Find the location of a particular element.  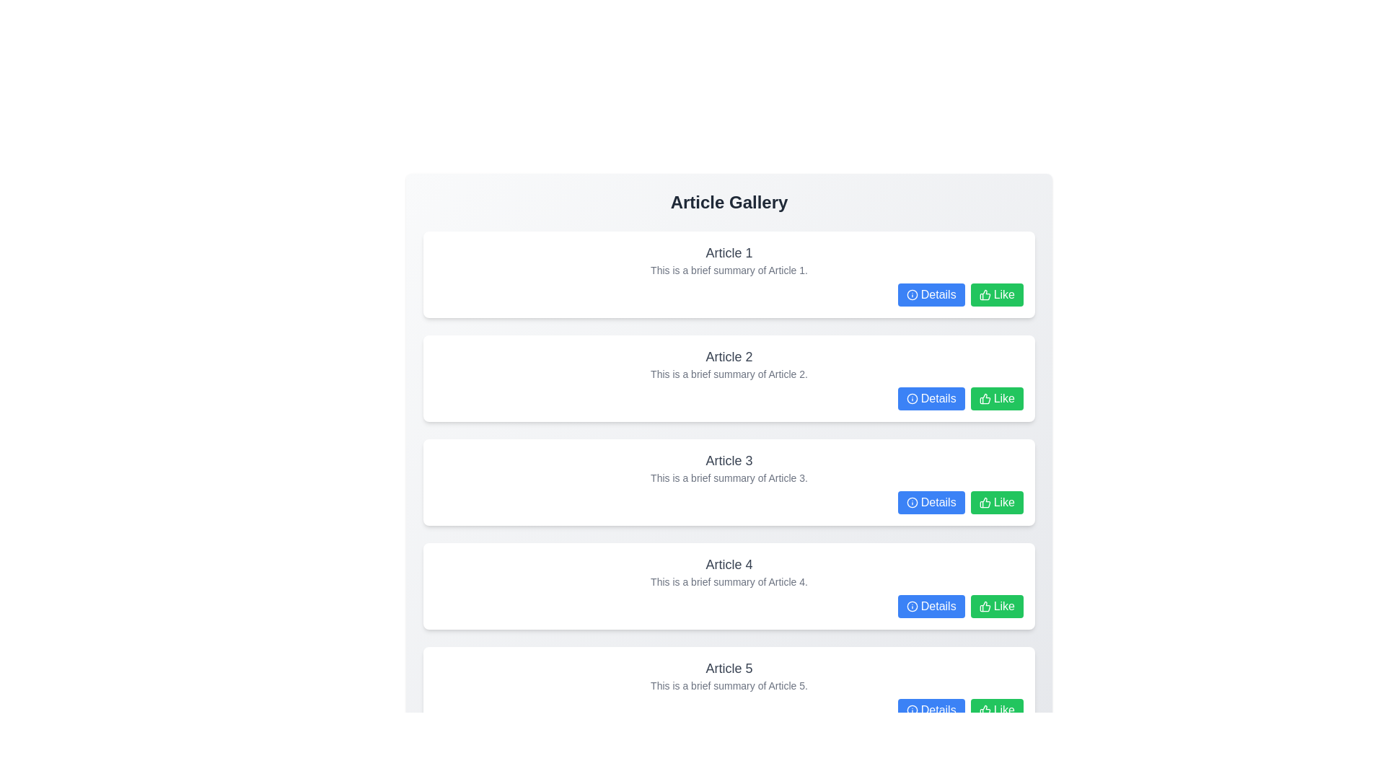

the thumbs-up icon within the 'Like' button to like the article is located at coordinates (984, 606).